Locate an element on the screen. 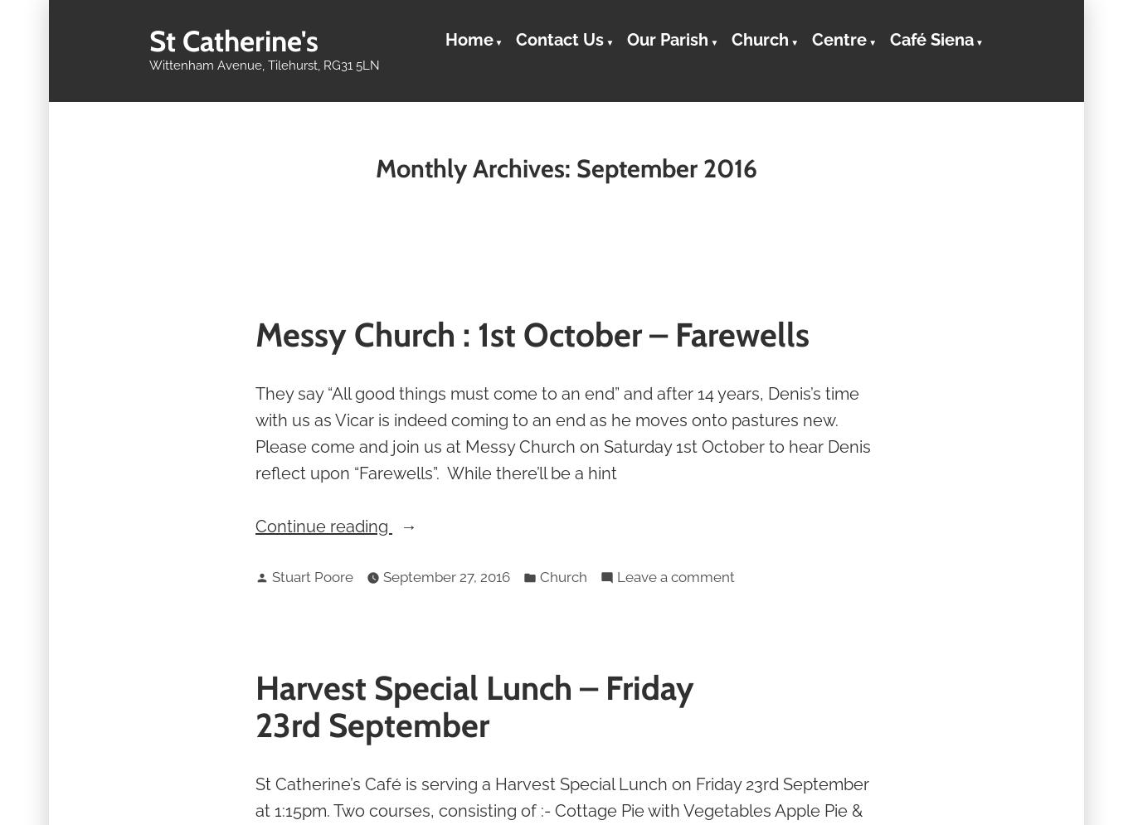 Image resolution: width=1133 pixels, height=825 pixels. 'Home' is located at coordinates (468, 38).